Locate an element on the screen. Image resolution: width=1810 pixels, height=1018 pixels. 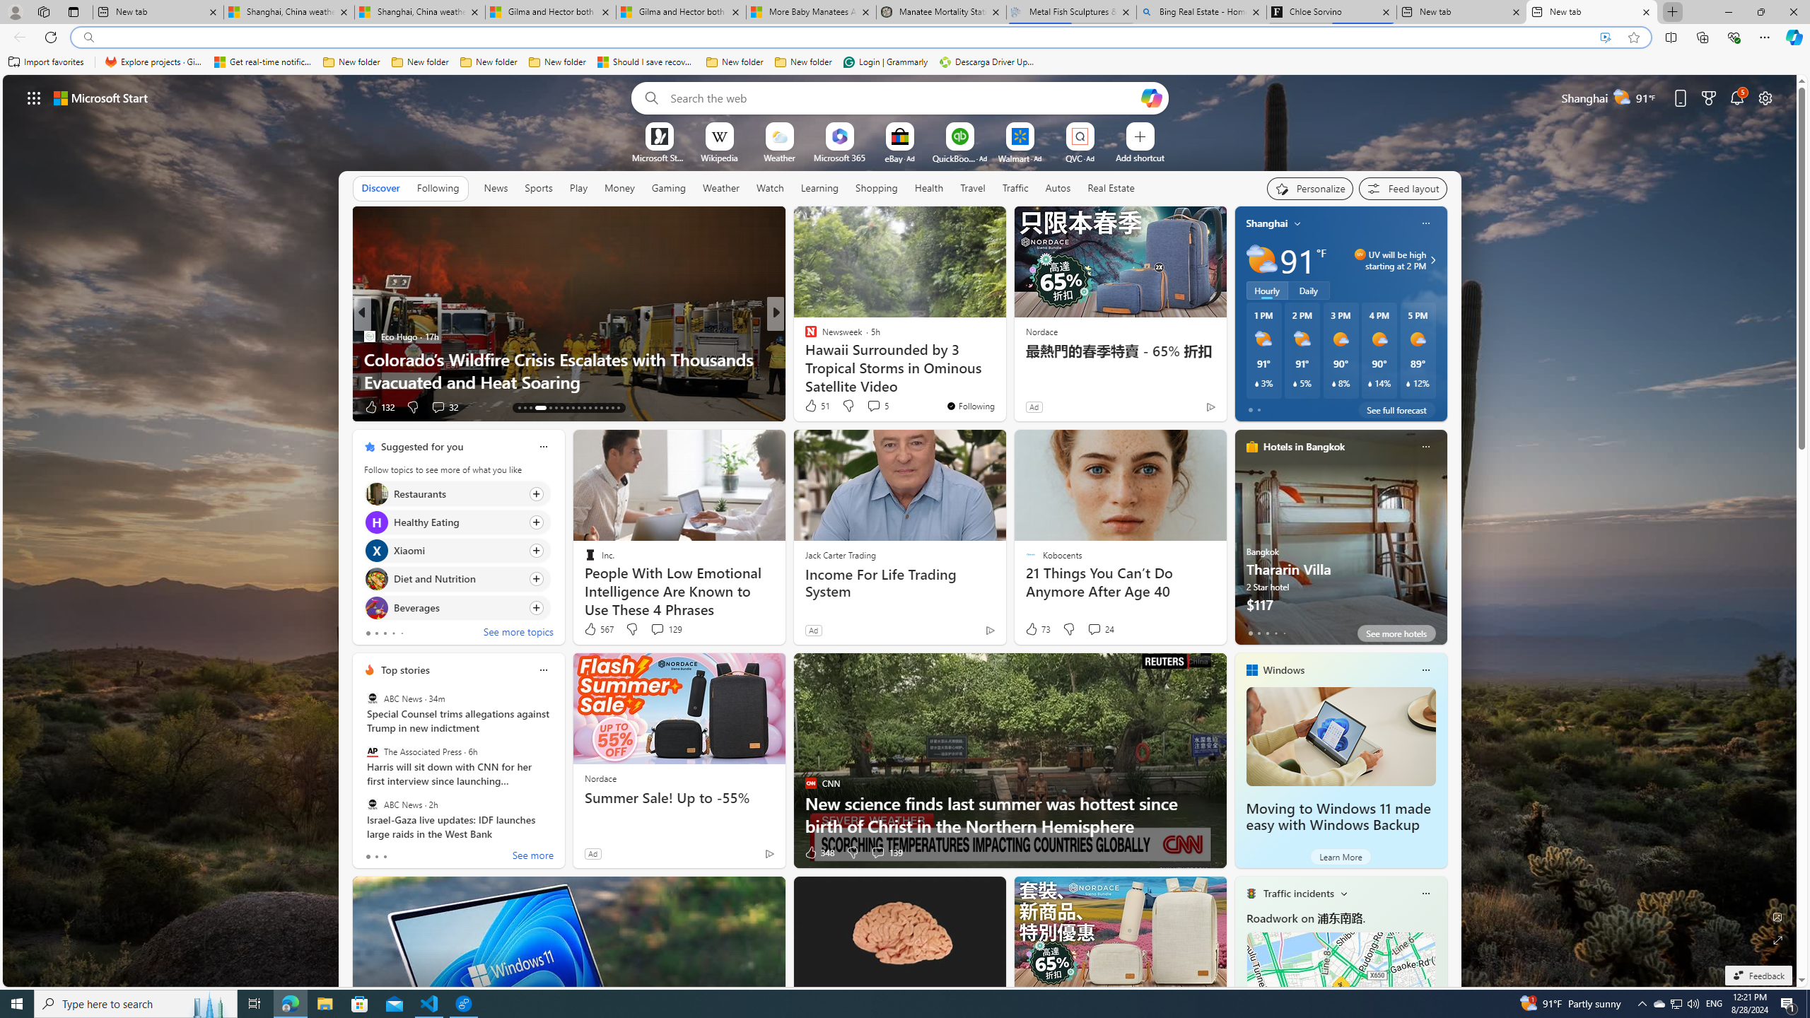
'Edit Background' is located at coordinates (1778, 915).